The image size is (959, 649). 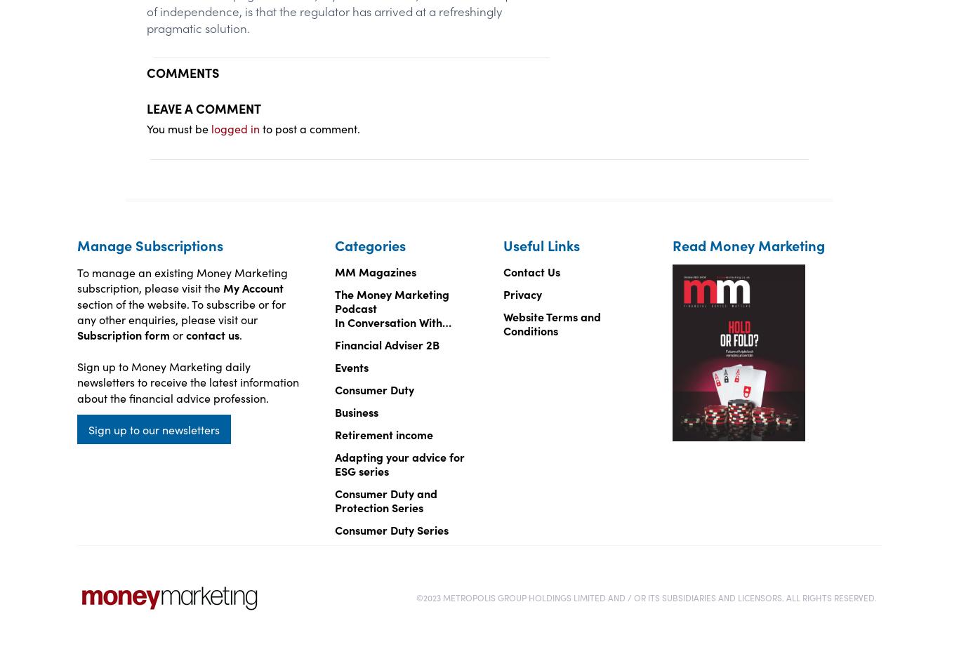 What do you see at coordinates (121, 335) in the screenshot?
I see `'Subscription form'` at bounding box center [121, 335].